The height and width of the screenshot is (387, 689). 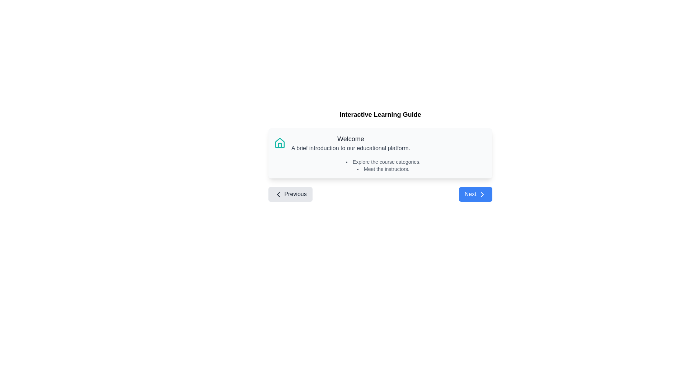 I want to click on the chevron icon that indicates the 'Previous' navigation button, located to the left of the 'Previous' button in the navigation area, so click(x=278, y=194).